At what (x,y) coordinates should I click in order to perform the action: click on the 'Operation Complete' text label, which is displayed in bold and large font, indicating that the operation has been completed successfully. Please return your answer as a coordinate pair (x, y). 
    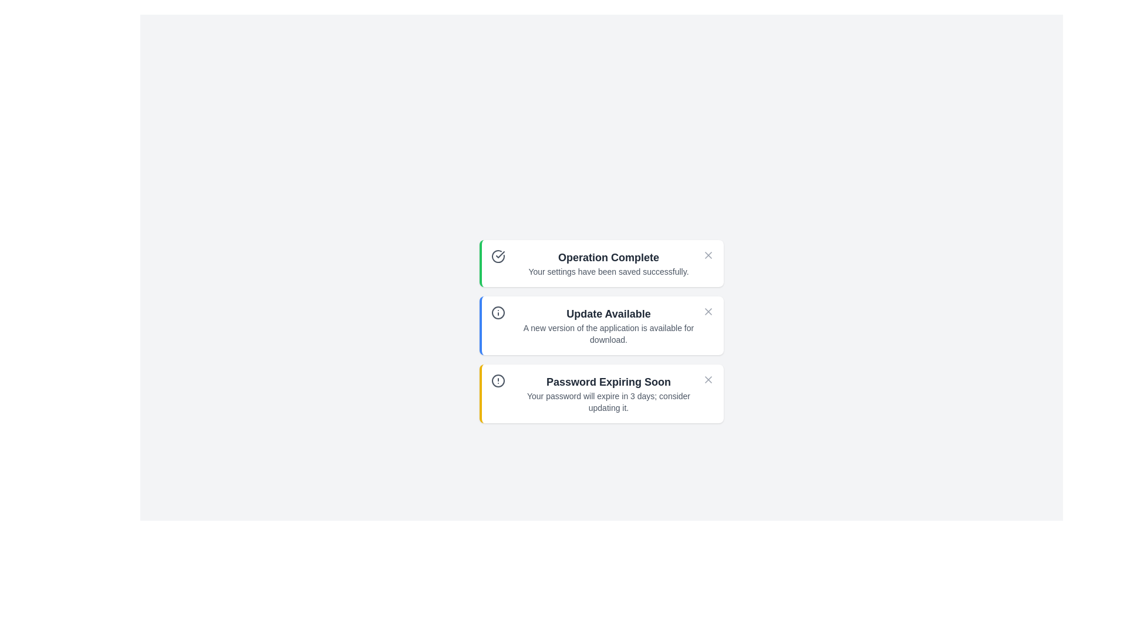
    Looking at the image, I should click on (608, 257).